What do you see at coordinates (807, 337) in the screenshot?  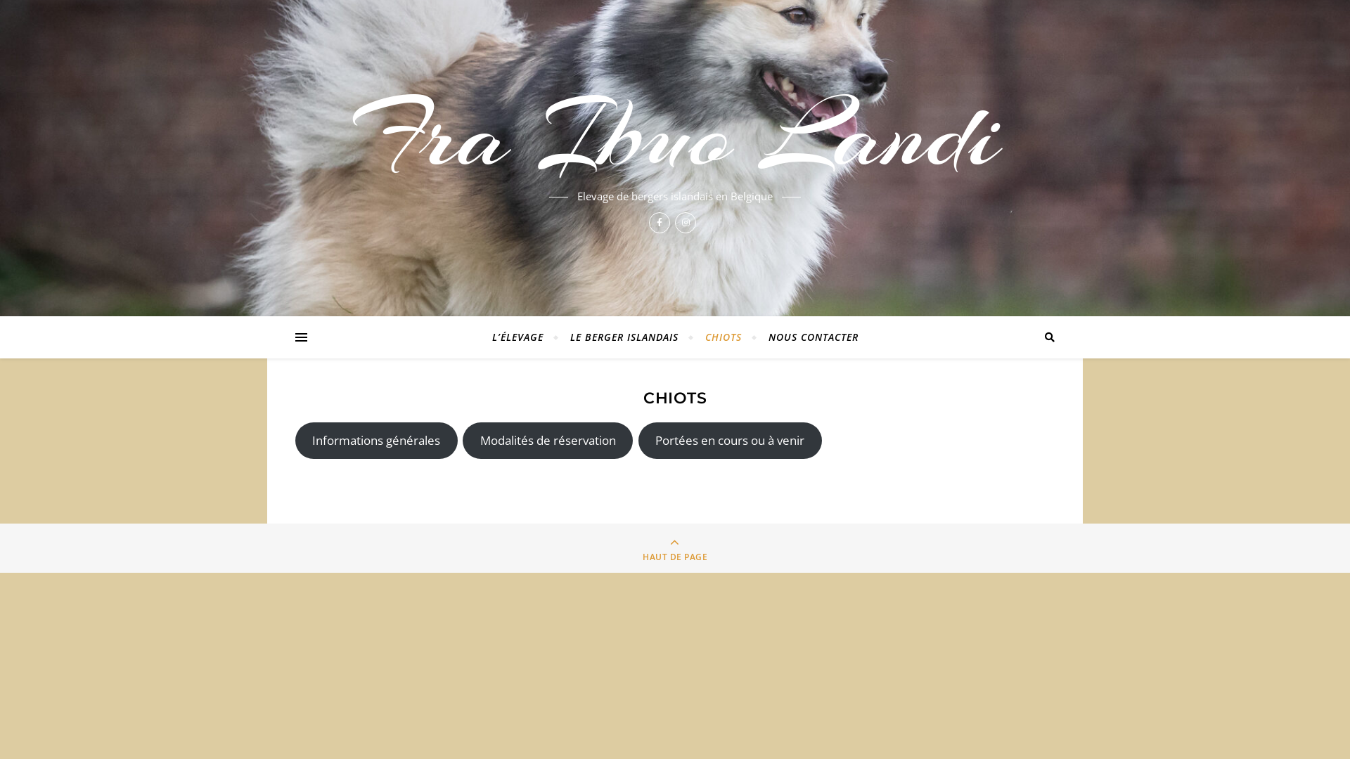 I see `'NOUS CONTACTER'` at bounding box center [807, 337].